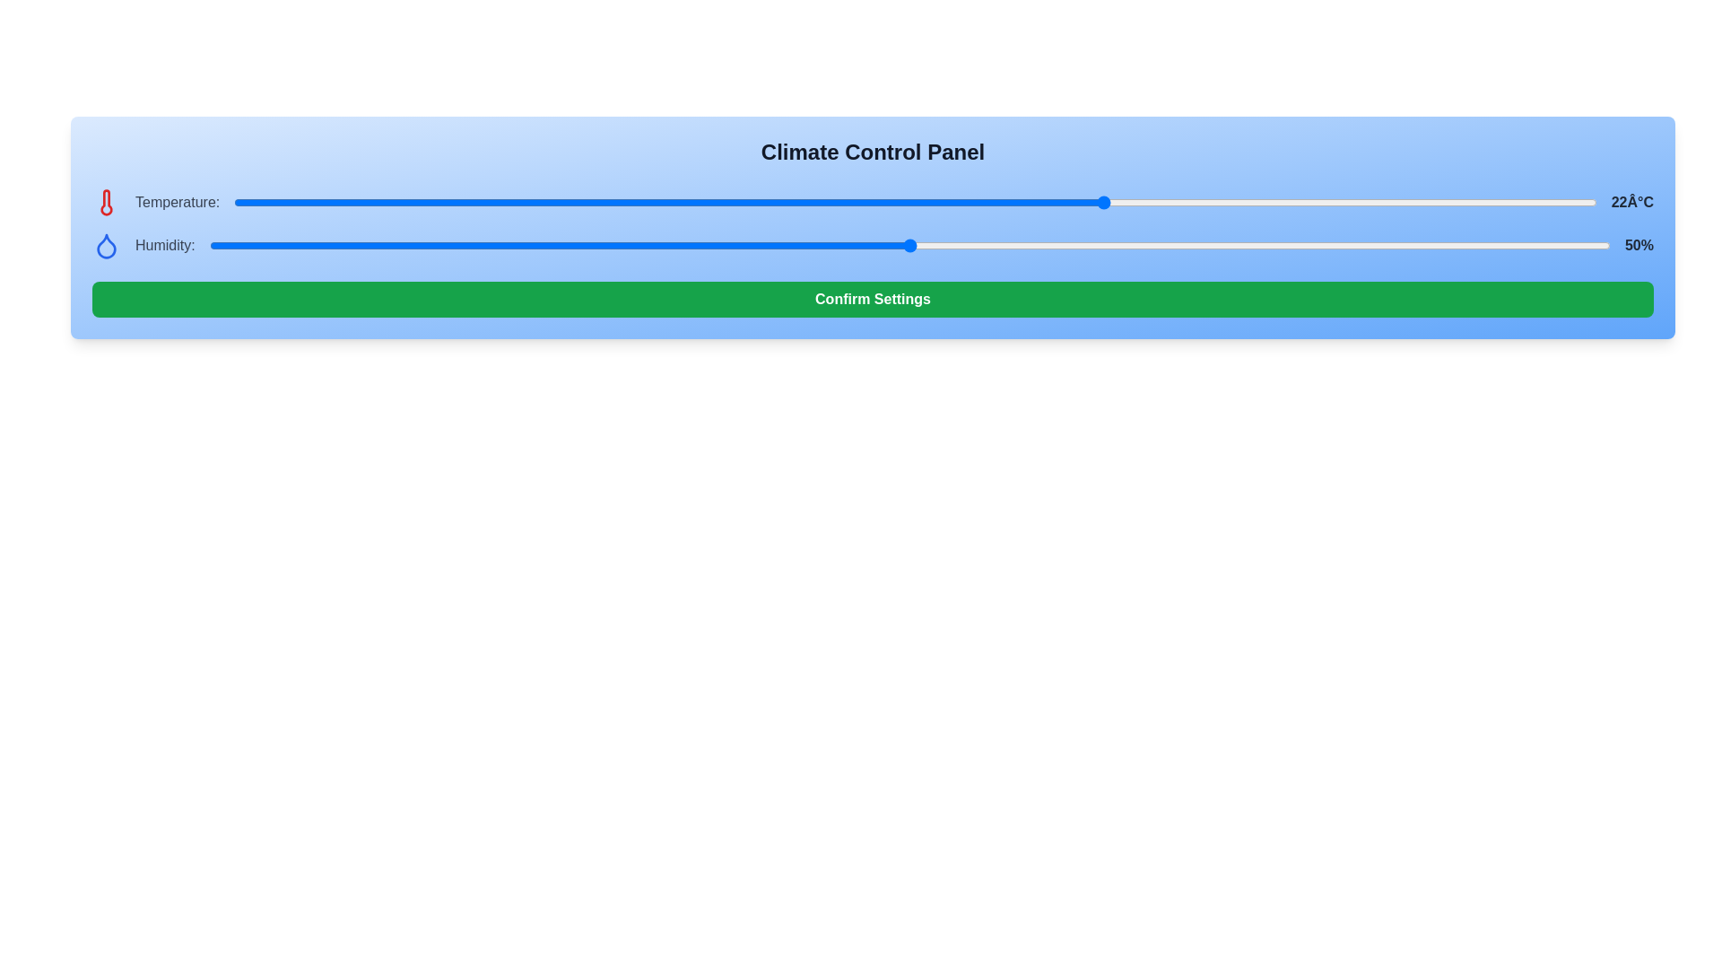  Describe the element at coordinates (278, 245) in the screenshot. I see `the humidity slider to 5%` at that location.